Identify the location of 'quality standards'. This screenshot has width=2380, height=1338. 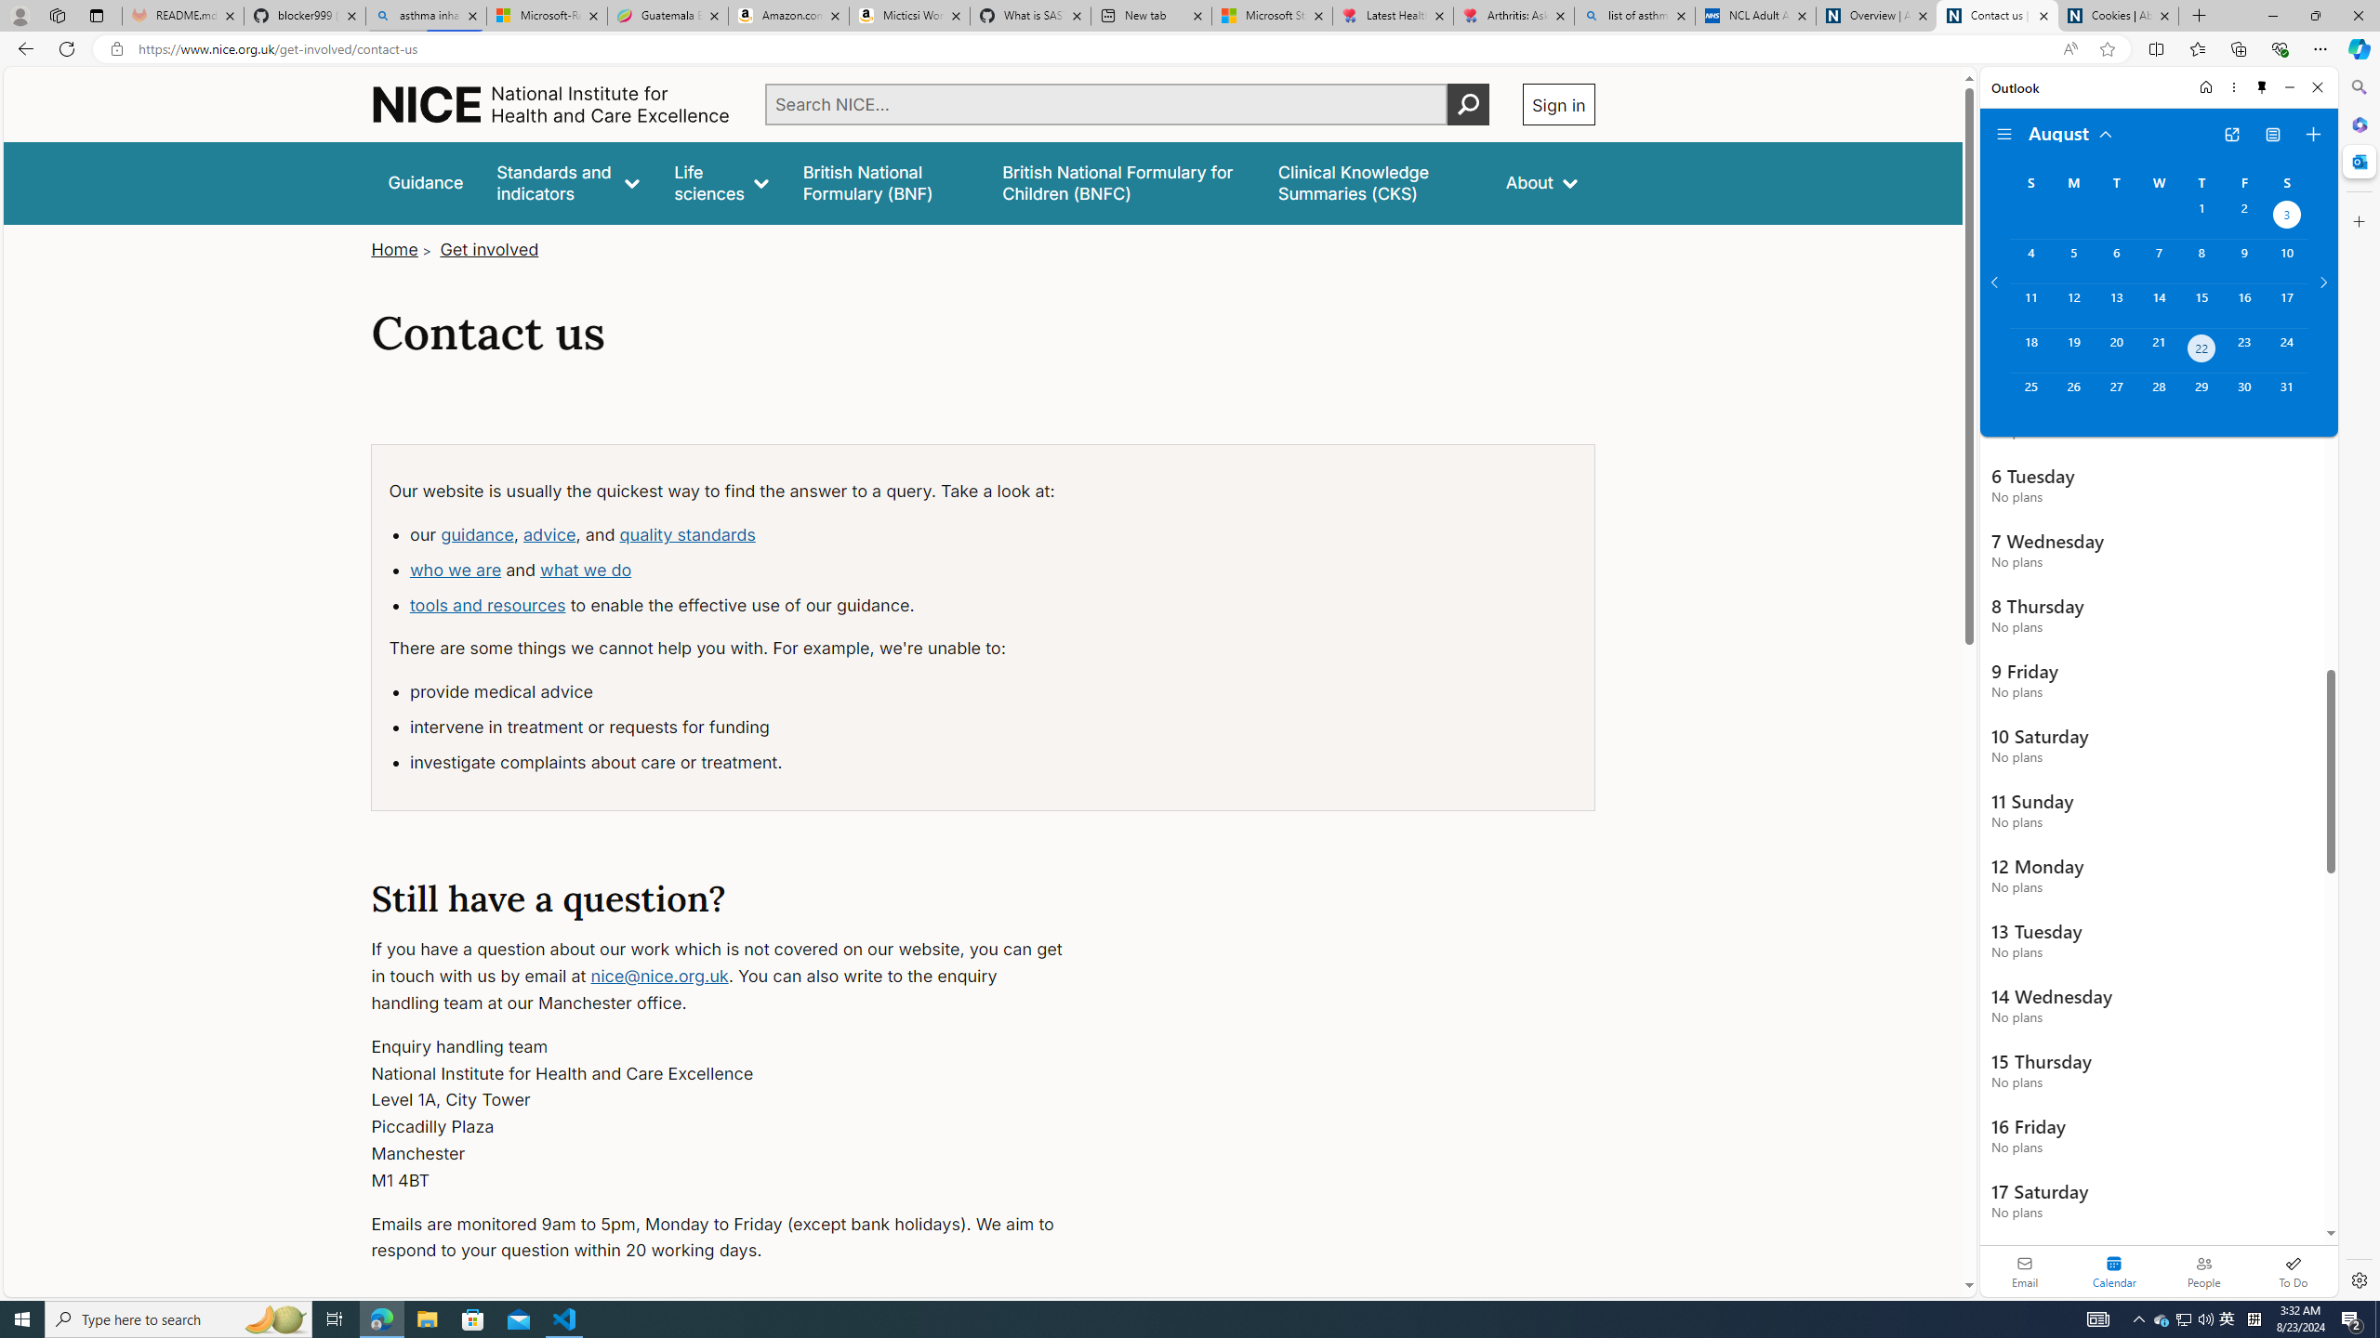
(686, 533).